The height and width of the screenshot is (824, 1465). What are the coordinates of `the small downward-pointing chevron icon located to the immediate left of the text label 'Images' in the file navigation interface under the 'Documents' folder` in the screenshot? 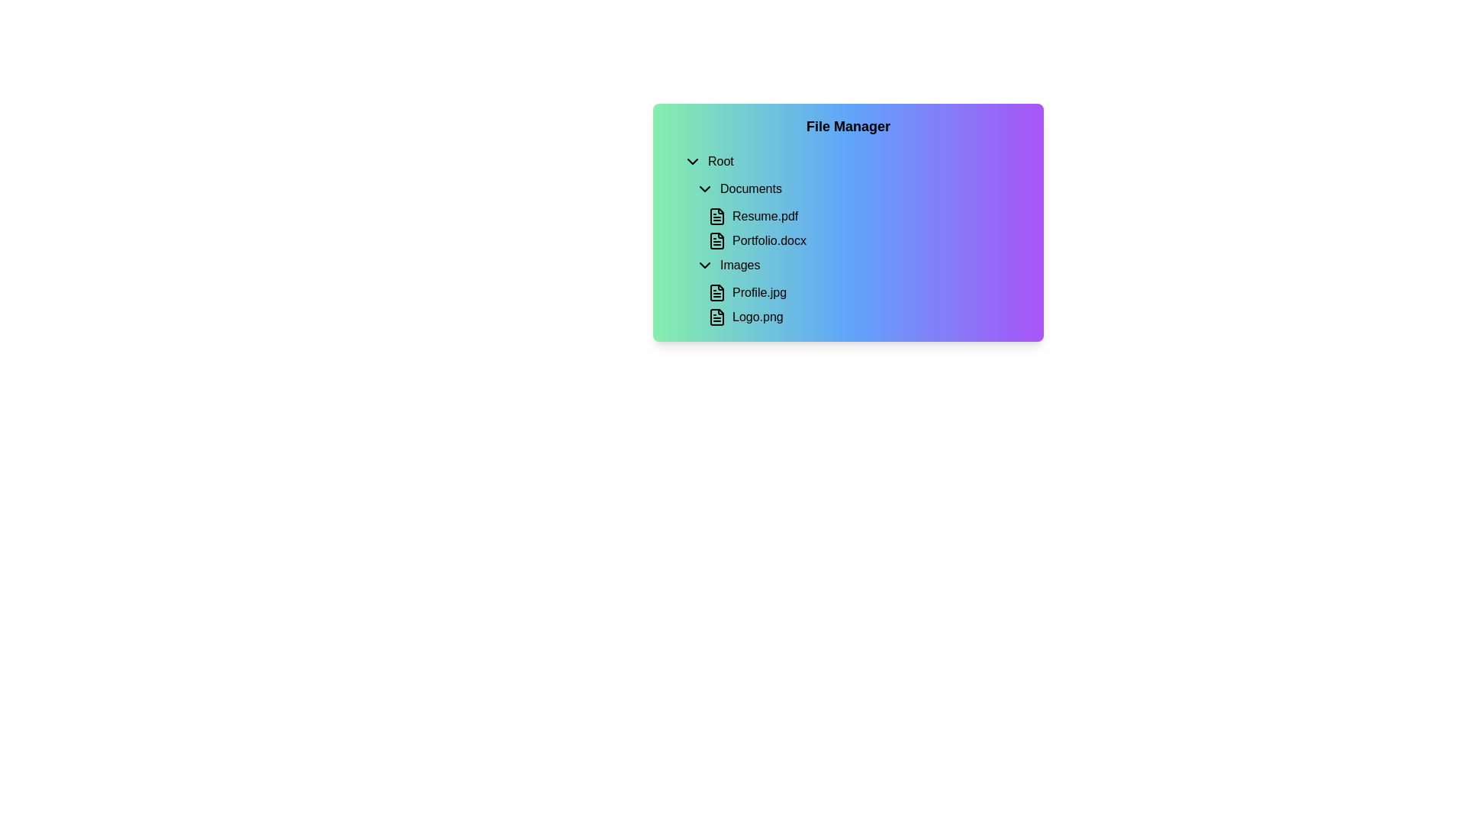 It's located at (704, 264).